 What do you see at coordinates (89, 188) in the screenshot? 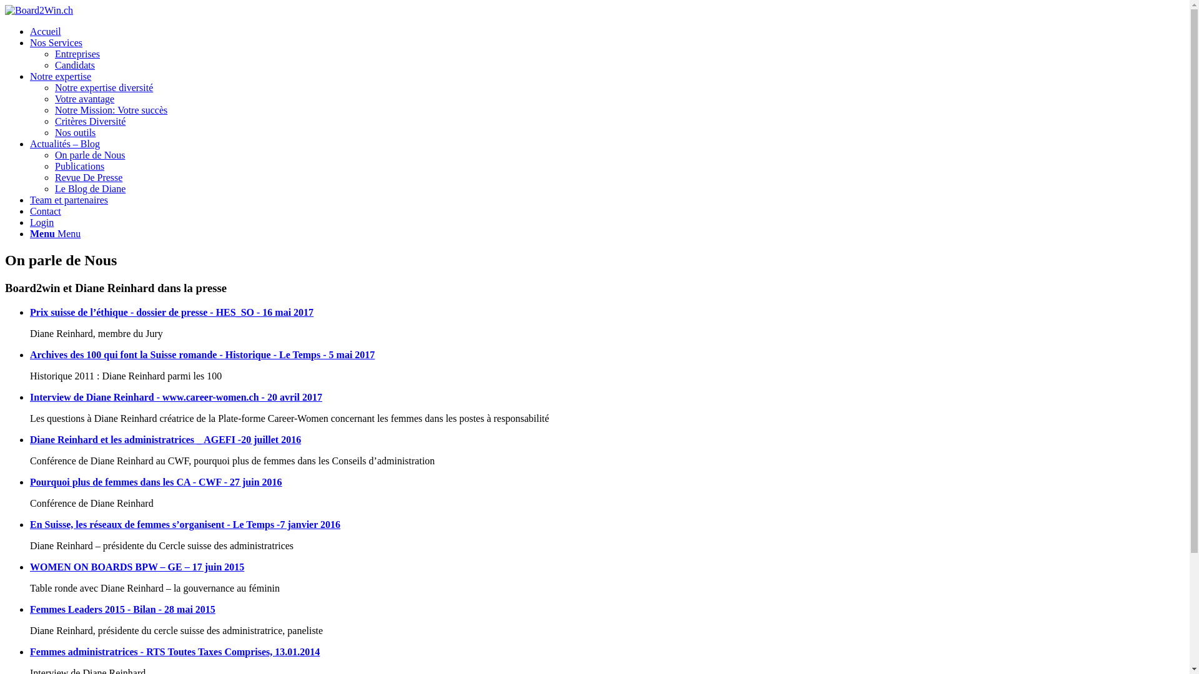
I see `'Le Blog de Diane'` at bounding box center [89, 188].